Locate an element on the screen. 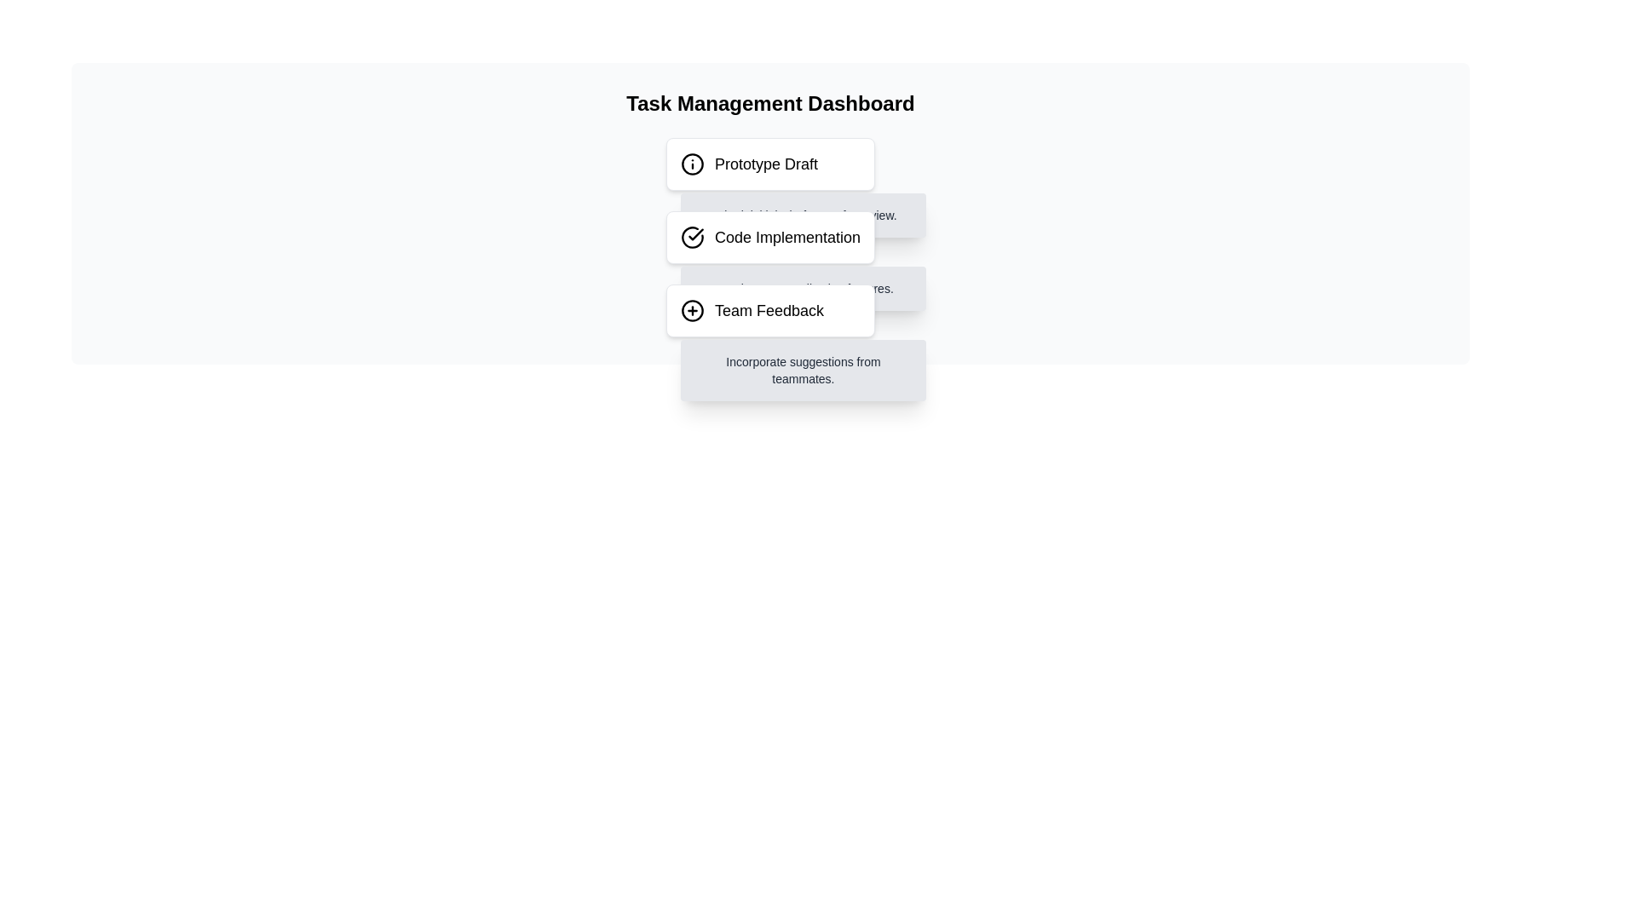 Image resolution: width=1636 pixels, height=920 pixels. the label with icon that serves as the title of the second item in the vertically-stacked card layout for 'Task Management Dashboard' is located at coordinates (769, 237).